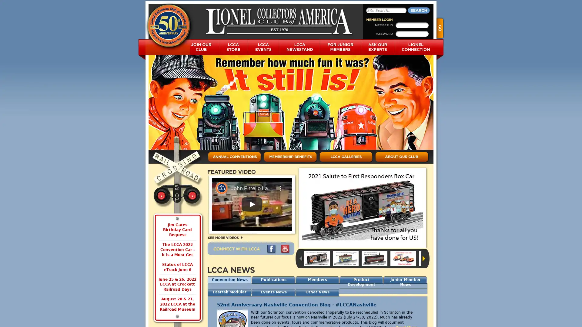 The width and height of the screenshot is (582, 327). Describe the element at coordinates (418, 10) in the screenshot. I see `Search` at that location.